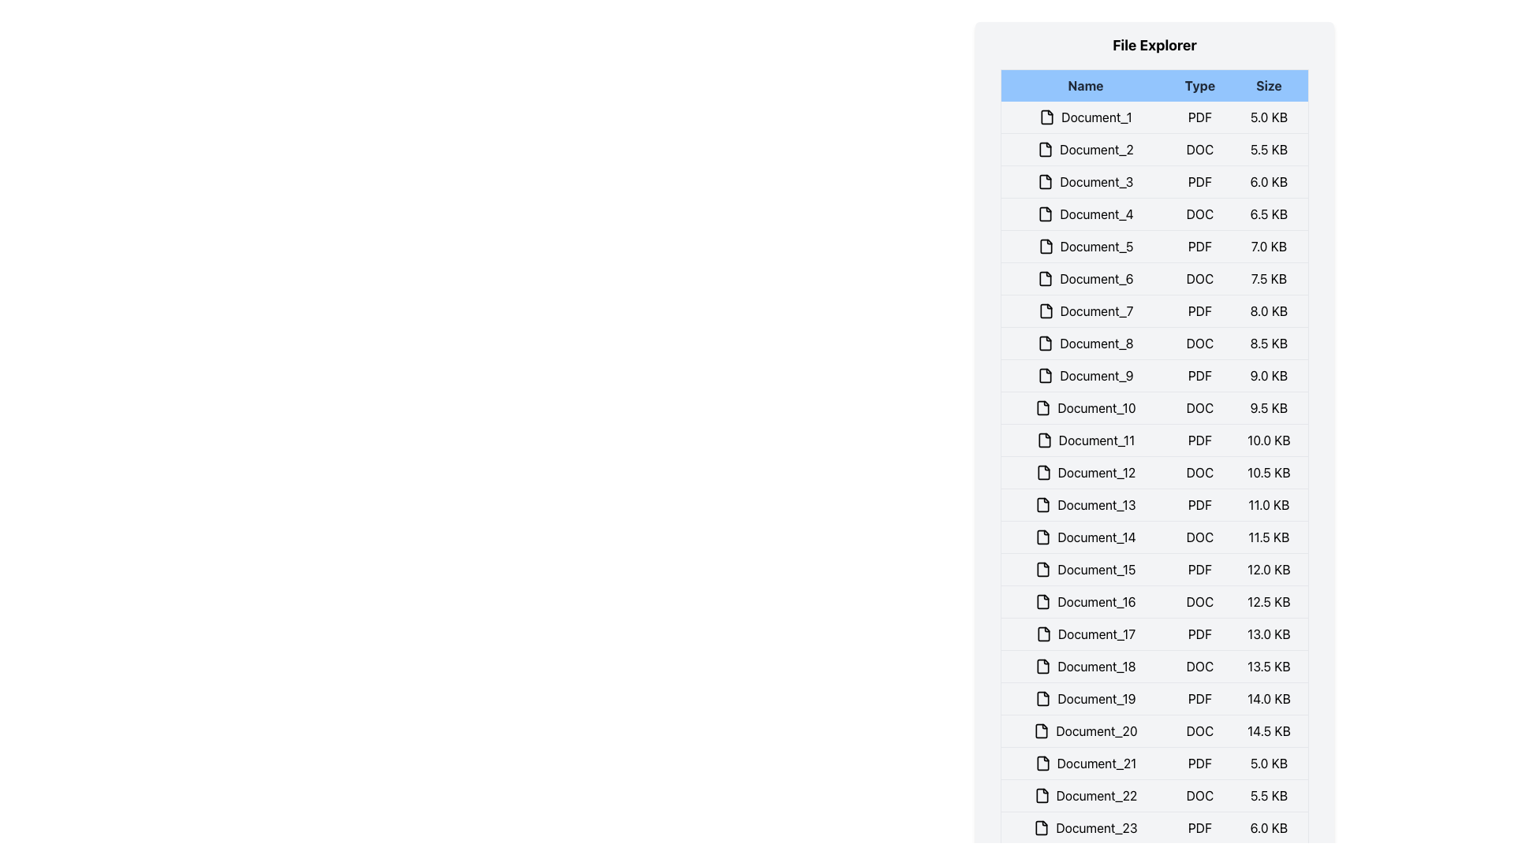 The width and height of the screenshot is (1514, 851). What do you see at coordinates (1199, 376) in the screenshot?
I see `the 'Type' label for the file 'Document_9' in the file explorer interface` at bounding box center [1199, 376].